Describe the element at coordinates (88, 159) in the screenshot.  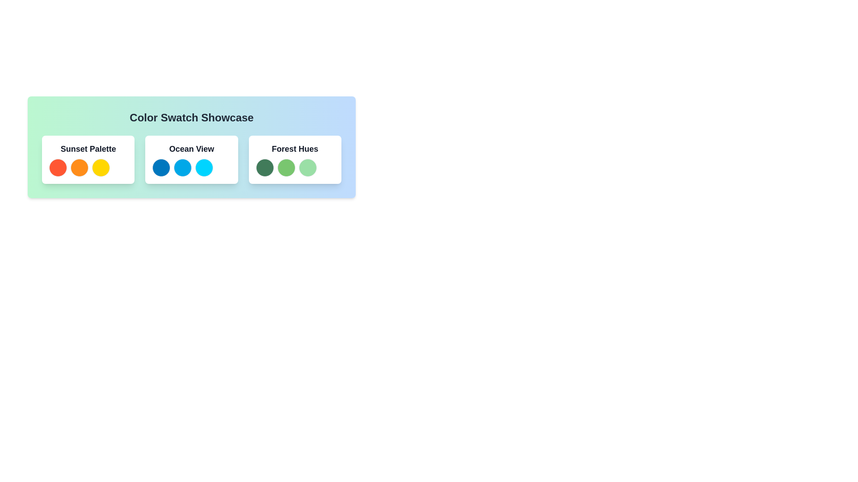
I see `the 'Sunset Palette' color palette card, which is the first card in a row of three, located in a grid layout` at that location.